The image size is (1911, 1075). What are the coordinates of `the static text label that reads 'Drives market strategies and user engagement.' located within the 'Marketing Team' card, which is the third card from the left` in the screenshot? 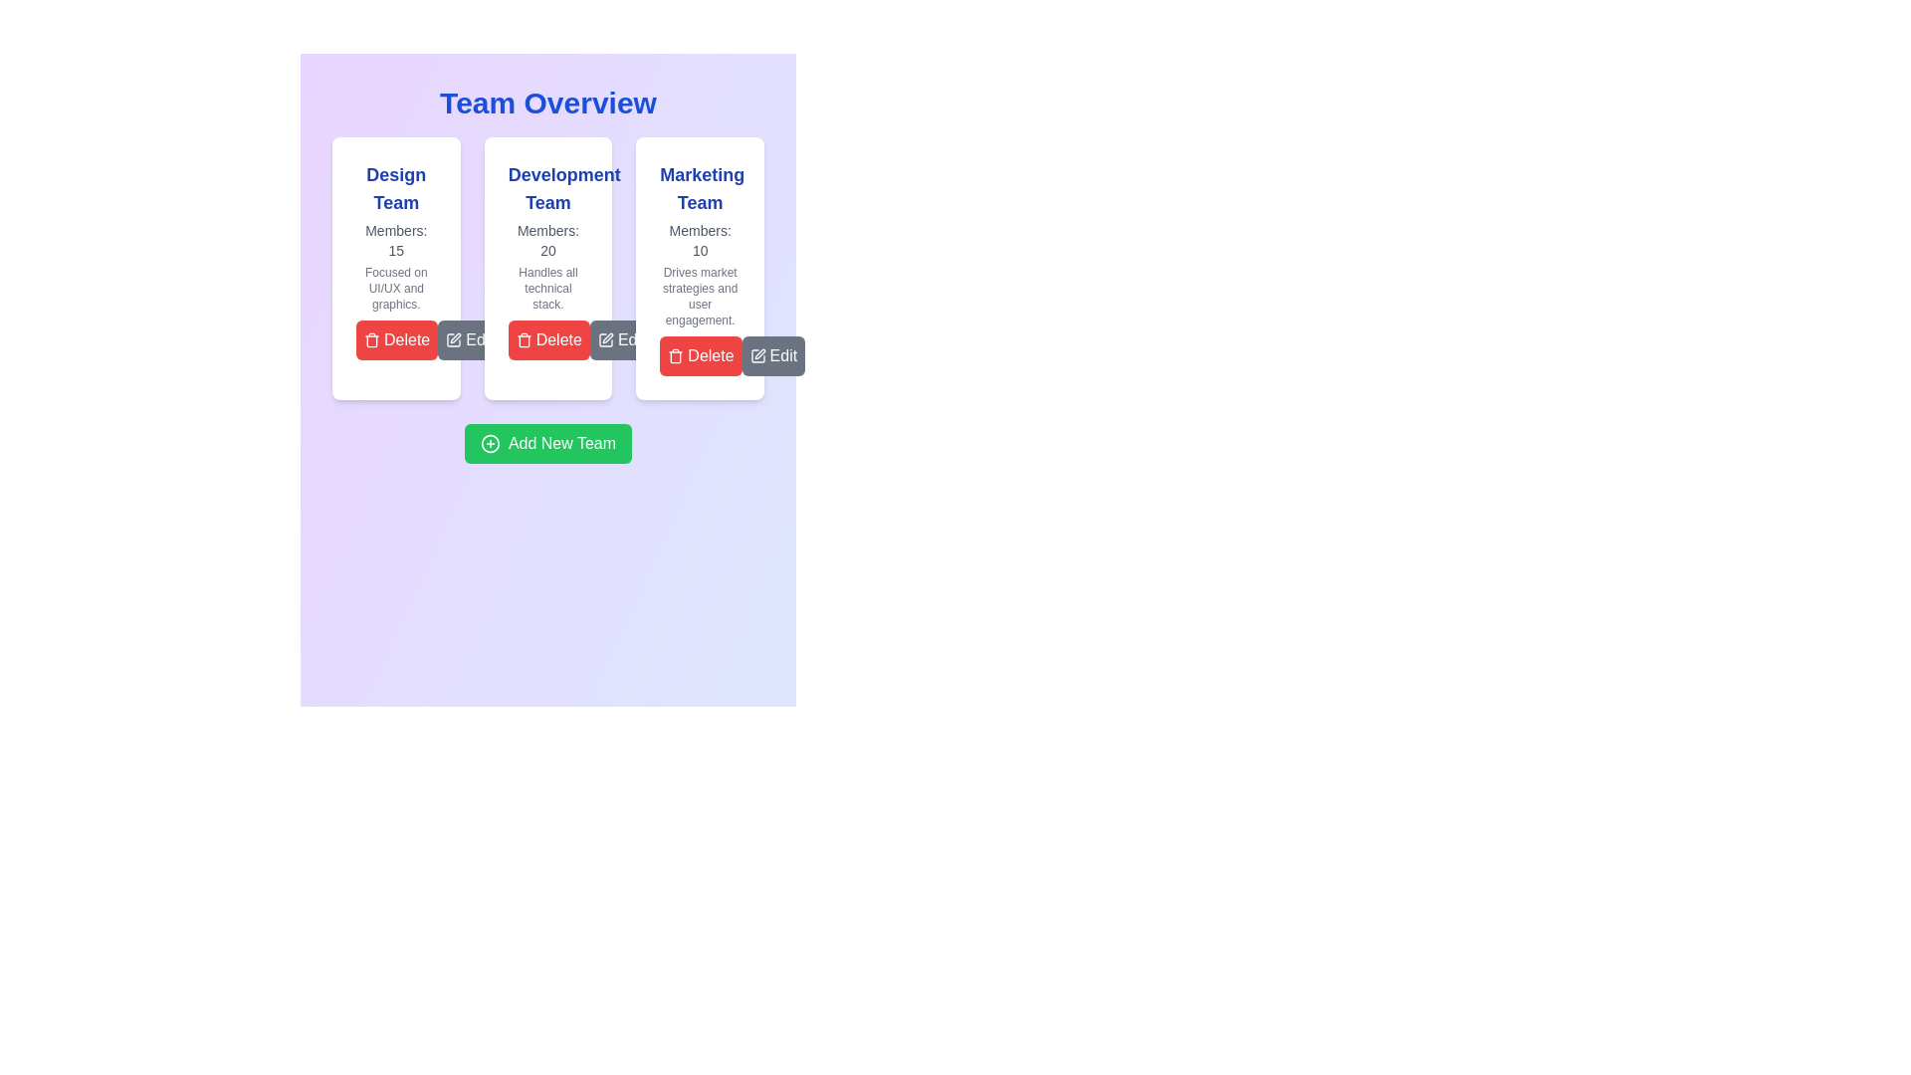 It's located at (700, 296).